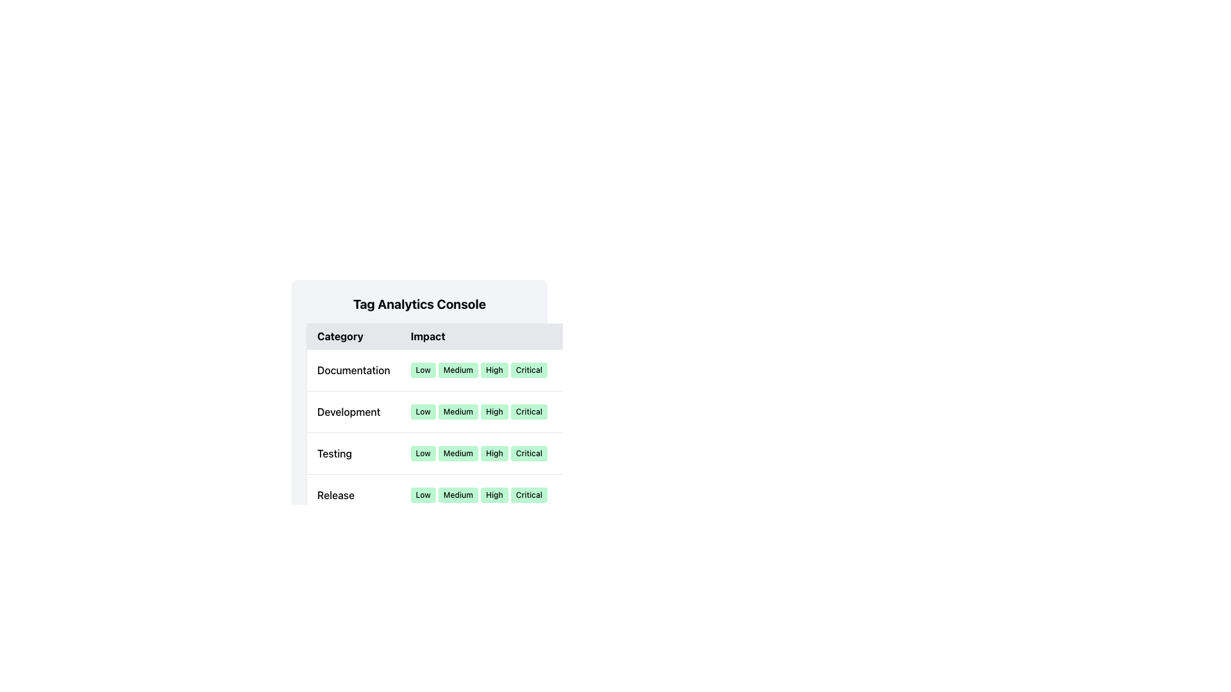  I want to click on the 'Medium' status indicator in the Release category, which visually represents the categorical level among other options like 'Low', 'High', and 'Critical', so click(461, 494).